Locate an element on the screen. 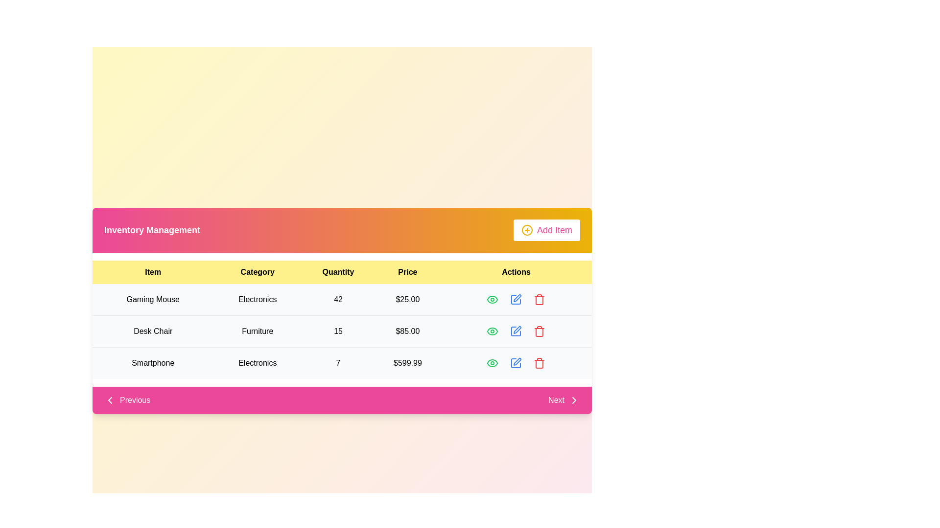  the 'Quantity' label, which is styled in bold on a yellow background in the table header, centrally aligned as the third column from the left is located at coordinates (338, 272).